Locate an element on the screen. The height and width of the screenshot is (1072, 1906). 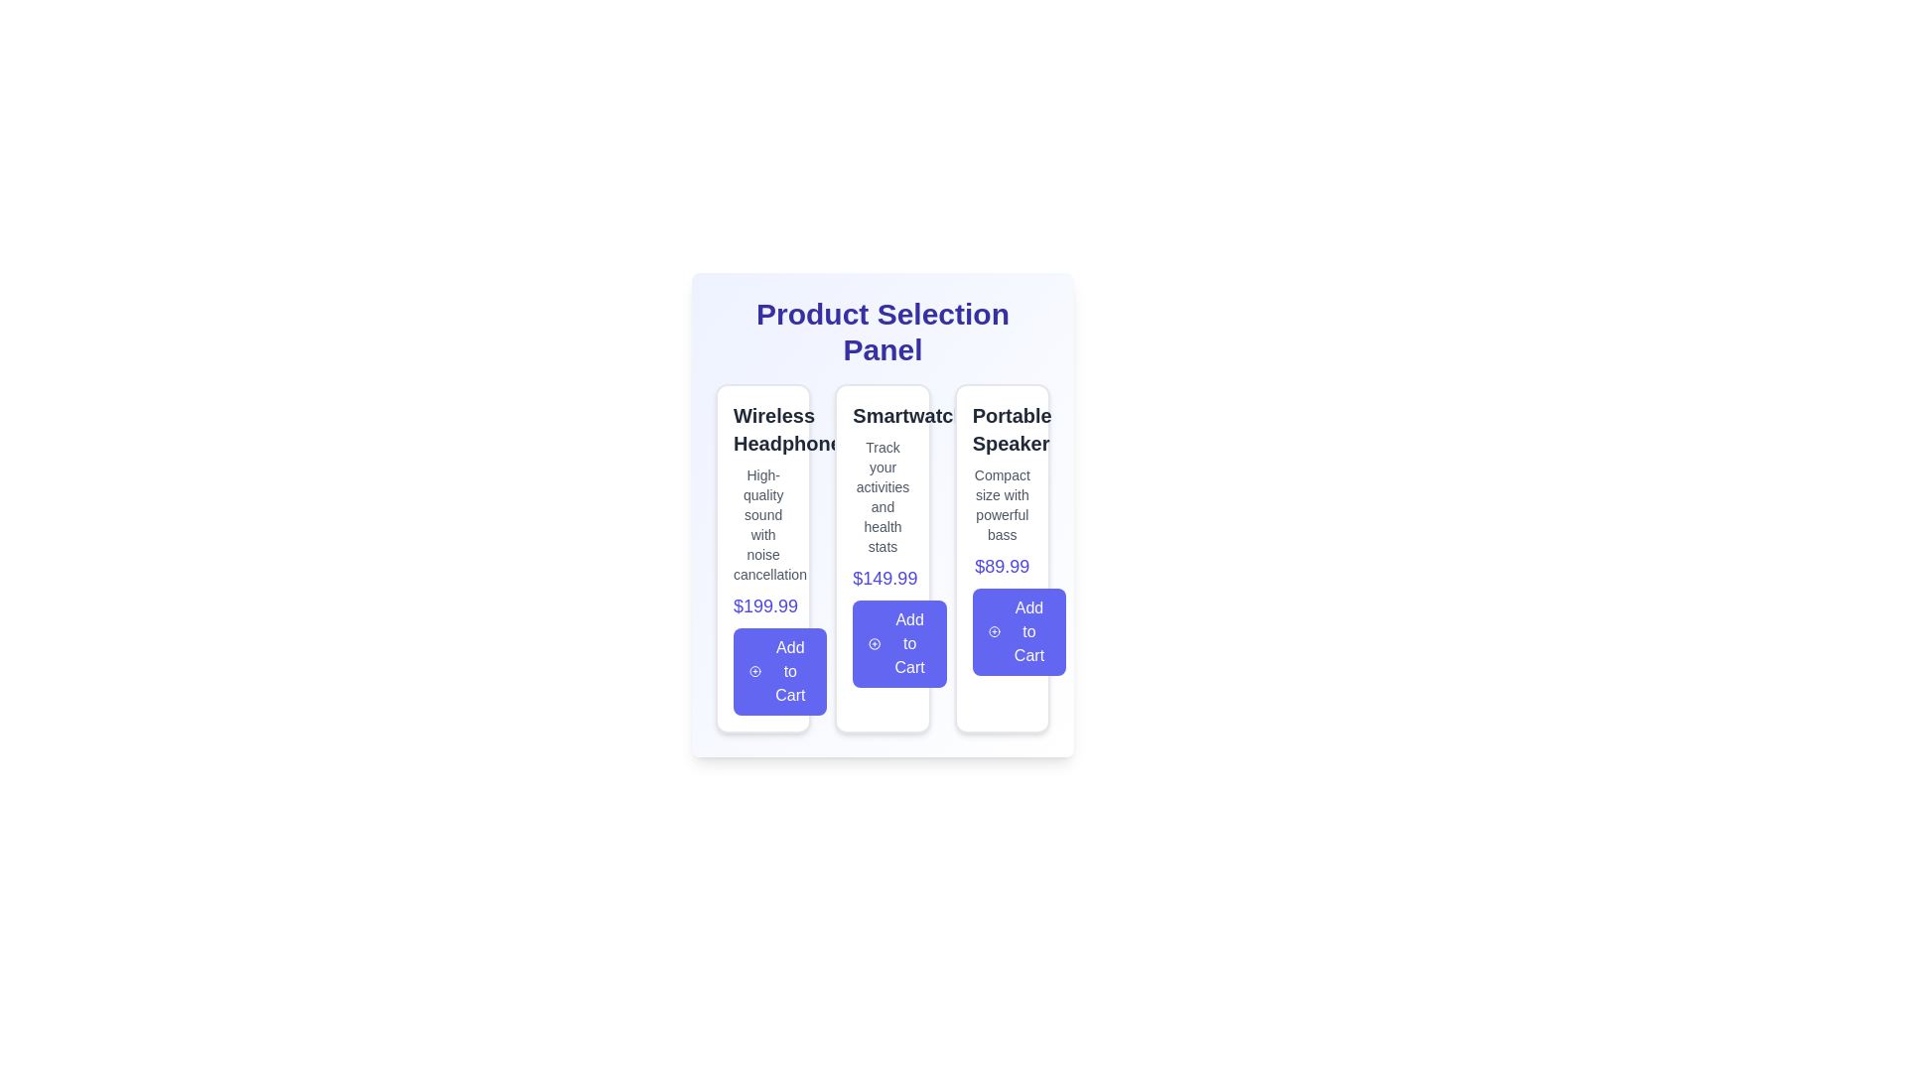
the circular icon with a plus sign that represents adding an item to the shopping cart, located within the 'Add to Cart' button in the middle card of the interface is located at coordinates (874, 643).